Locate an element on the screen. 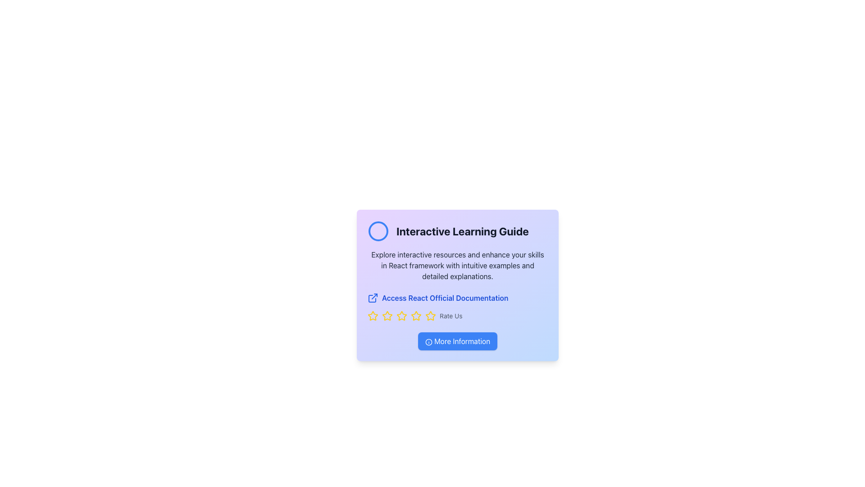 Image resolution: width=865 pixels, height=487 pixels. the hyperlink with an associated icon located below the 'Interactive Learning Guide' title and above the 'Rate Us' section is located at coordinates (458, 298).